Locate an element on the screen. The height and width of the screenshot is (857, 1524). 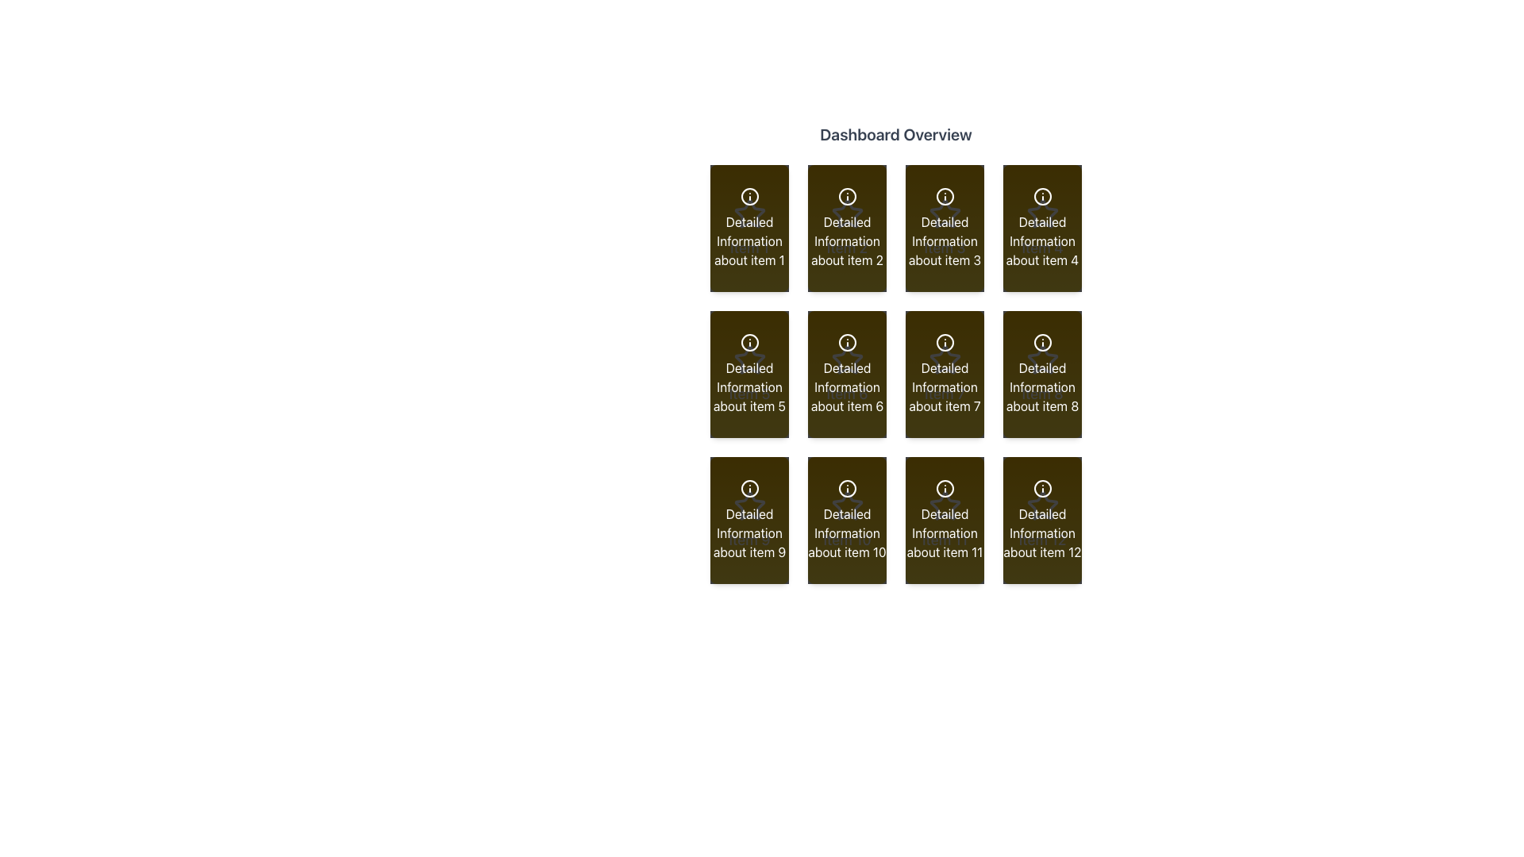
the star icon representing the favorite marker for Item 8, located in the middle row, second column from the right, for visual feedback is located at coordinates (1042, 360).